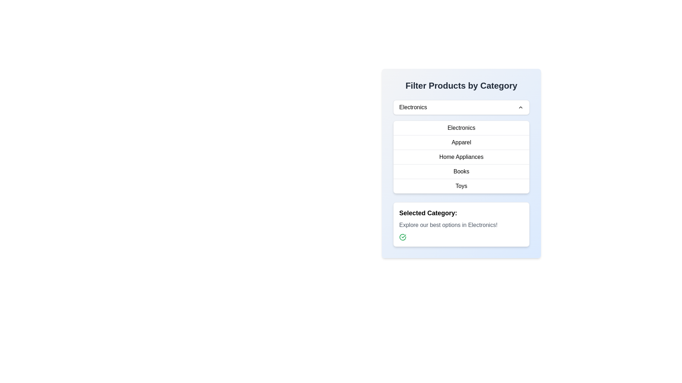  What do you see at coordinates (461, 156) in the screenshot?
I see `the 'Home Appliances' button-like list item, which is the third item in the vertical list under 'Filter Products by Category', to trigger a visual effect` at bounding box center [461, 156].